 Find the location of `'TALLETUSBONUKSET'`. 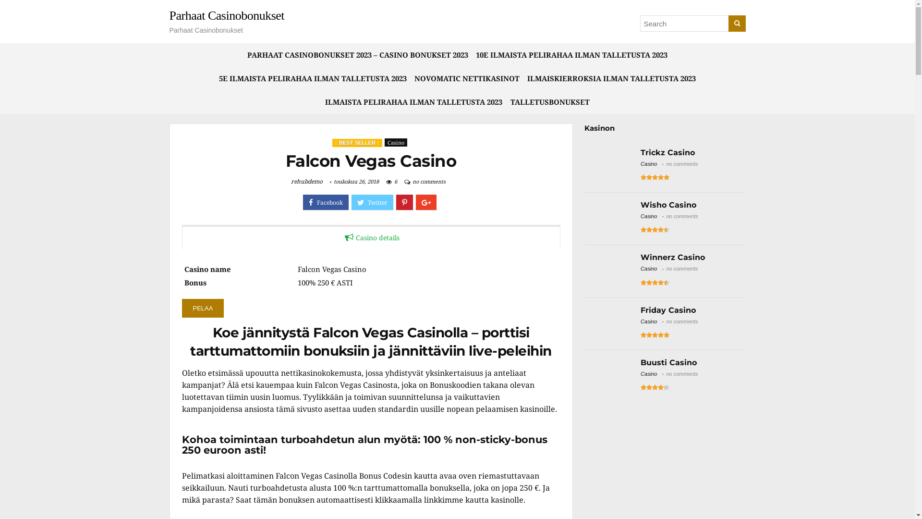

'TALLETUSBONUKSET' is located at coordinates (550, 102).